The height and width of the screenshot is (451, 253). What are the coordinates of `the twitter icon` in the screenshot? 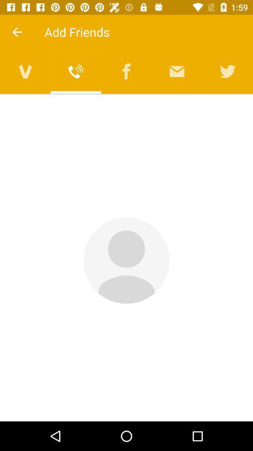 It's located at (227, 71).